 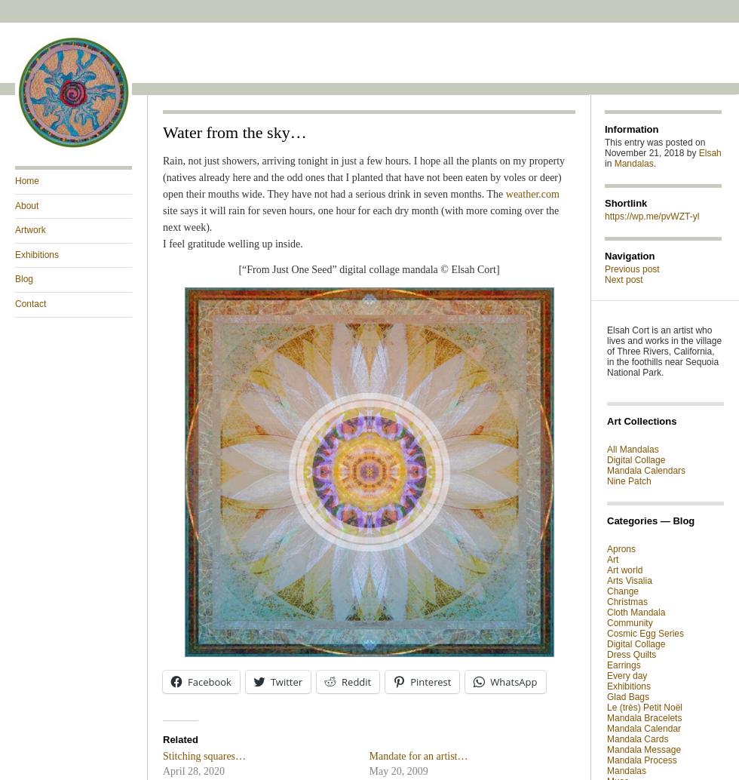 What do you see at coordinates (363, 177) in the screenshot?
I see `'Rain, not just showers, arriving tonight in just a few hours. I hope all the plants on my property (natives already here and the odd ones that I planted that have not been eaten by voles or deer) open their mouths wide. They have not had a serious drink in seven months. The'` at bounding box center [363, 177].